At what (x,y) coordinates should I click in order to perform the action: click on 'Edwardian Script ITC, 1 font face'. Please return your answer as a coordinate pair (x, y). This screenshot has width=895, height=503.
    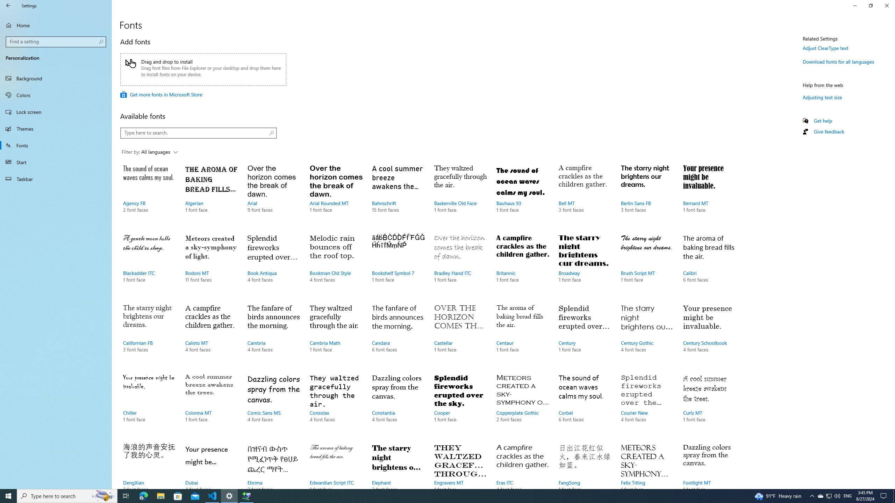
    Looking at the image, I should click on (335, 464).